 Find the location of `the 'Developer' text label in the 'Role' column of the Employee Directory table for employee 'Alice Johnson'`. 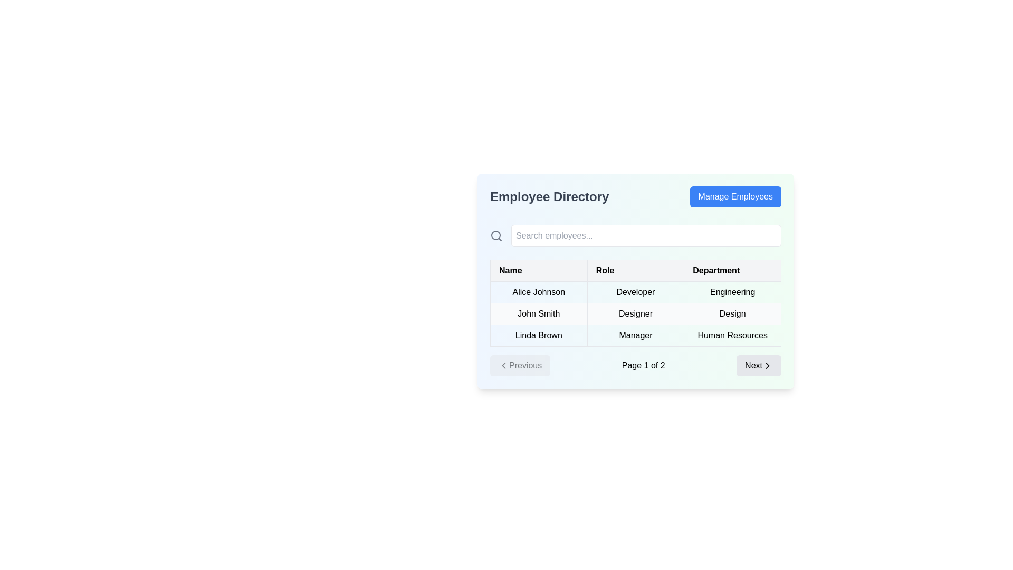

the 'Developer' text label in the 'Role' column of the Employee Directory table for employee 'Alice Johnson' is located at coordinates (635, 292).